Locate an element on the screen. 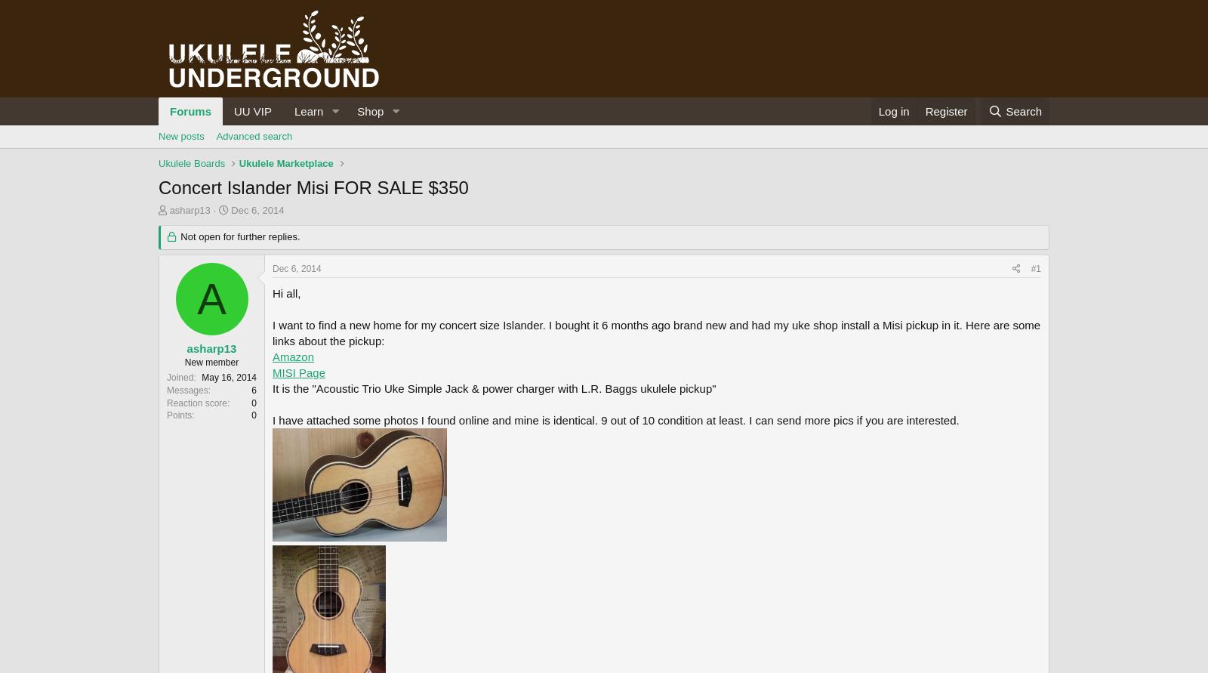  'New member' is located at coordinates (211, 361).